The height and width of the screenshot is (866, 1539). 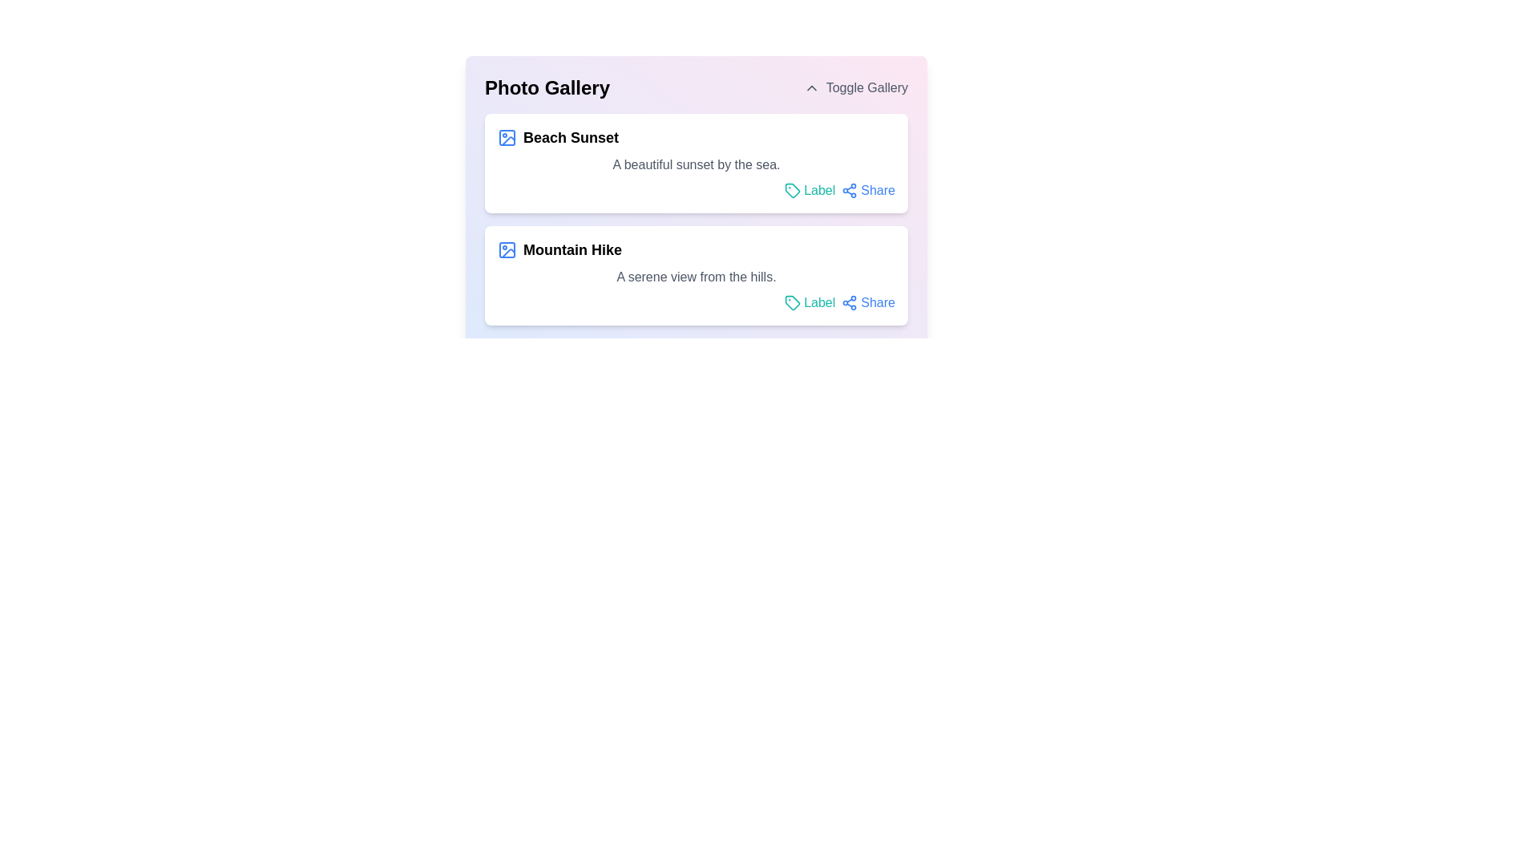 I want to click on the 'Mountain Hike' text header with icon for reading, so click(x=696, y=250).